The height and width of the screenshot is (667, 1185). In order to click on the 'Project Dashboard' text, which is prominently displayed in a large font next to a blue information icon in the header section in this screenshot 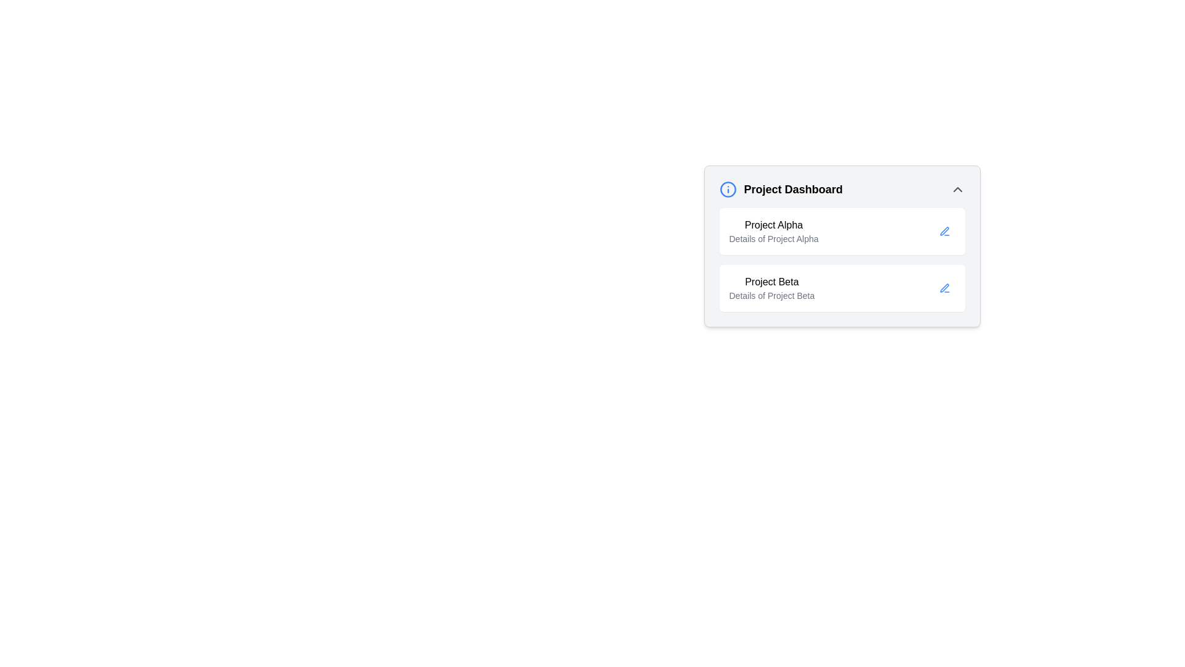, I will do `click(793, 190)`.